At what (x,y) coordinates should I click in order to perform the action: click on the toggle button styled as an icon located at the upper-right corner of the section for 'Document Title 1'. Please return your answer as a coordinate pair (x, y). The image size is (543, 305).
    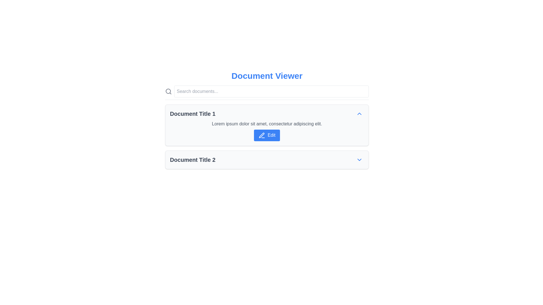
    Looking at the image, I should click on (359, 114).